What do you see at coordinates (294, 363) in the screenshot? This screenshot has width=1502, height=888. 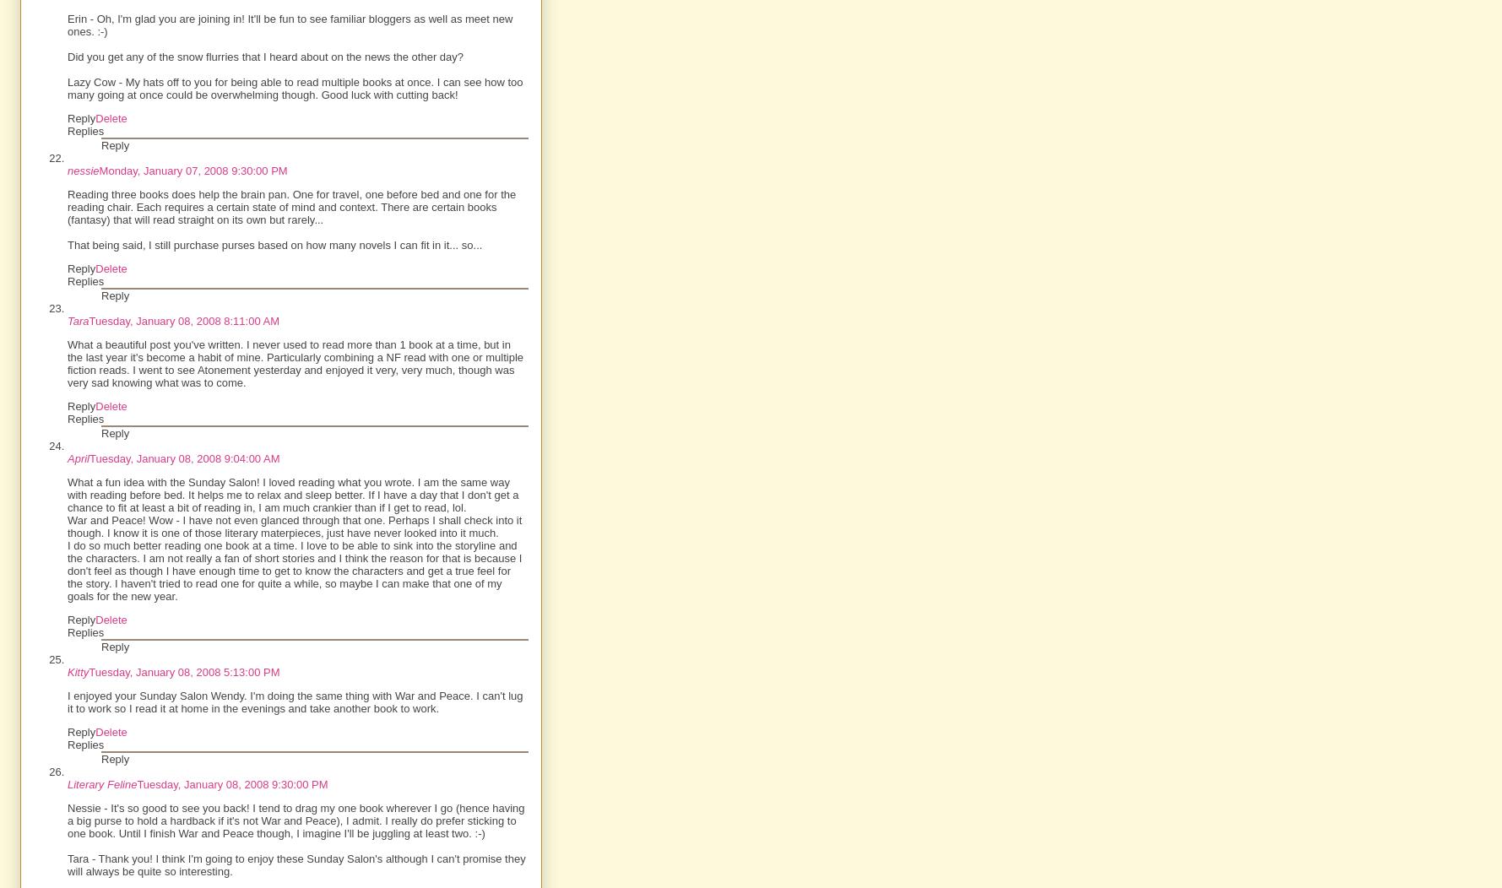 I see `'What a beautiful post you've written.  I never used to read more than 1 book at a time, but in the last year it's become a habit of mine.  Particularly combining a NF read with one or multiple fiction reads.  I went to see Atonement yesterday and enjoyed it very, very much, though was very sad knowing what was to come.'` at bounding box center [294, 363].